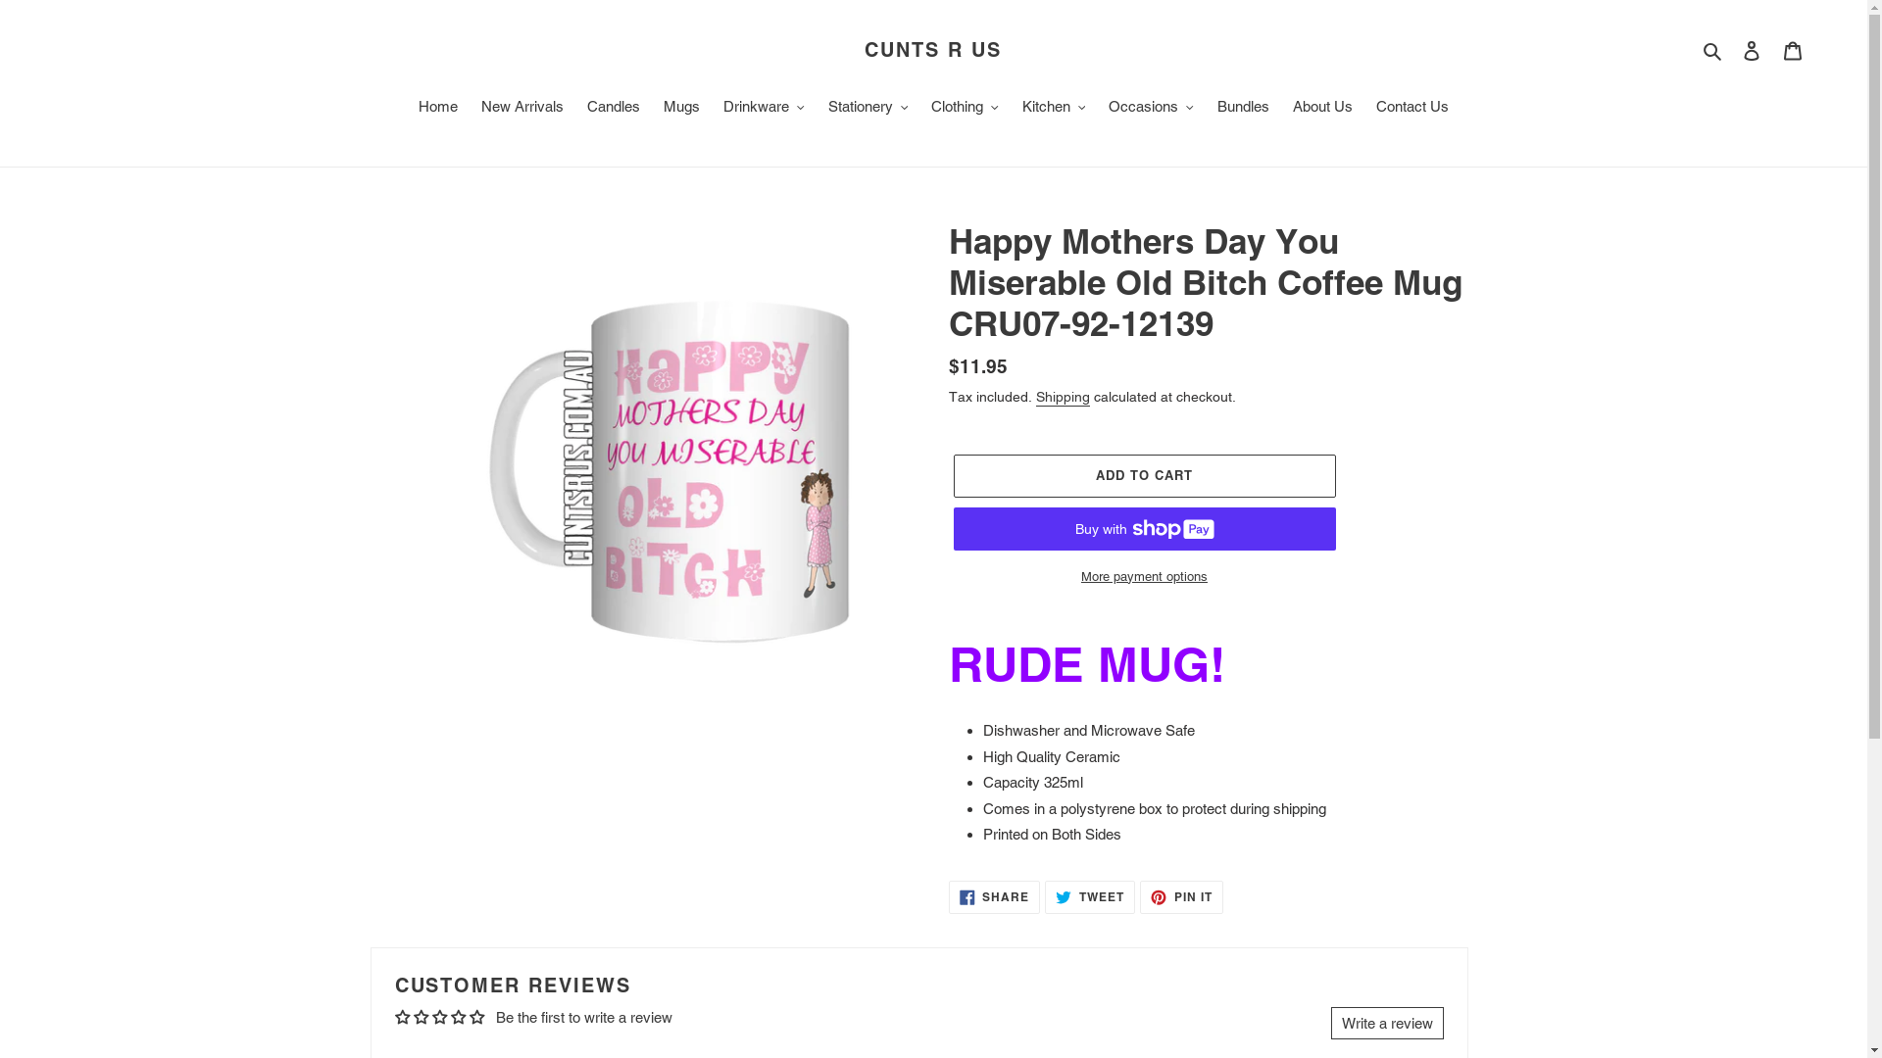 This screenshot has height=1058, width=1882. What do you see at coordinates (763, 109) in the screenshot?
I see `'Drinkware'` at bounding box center [763, 109].